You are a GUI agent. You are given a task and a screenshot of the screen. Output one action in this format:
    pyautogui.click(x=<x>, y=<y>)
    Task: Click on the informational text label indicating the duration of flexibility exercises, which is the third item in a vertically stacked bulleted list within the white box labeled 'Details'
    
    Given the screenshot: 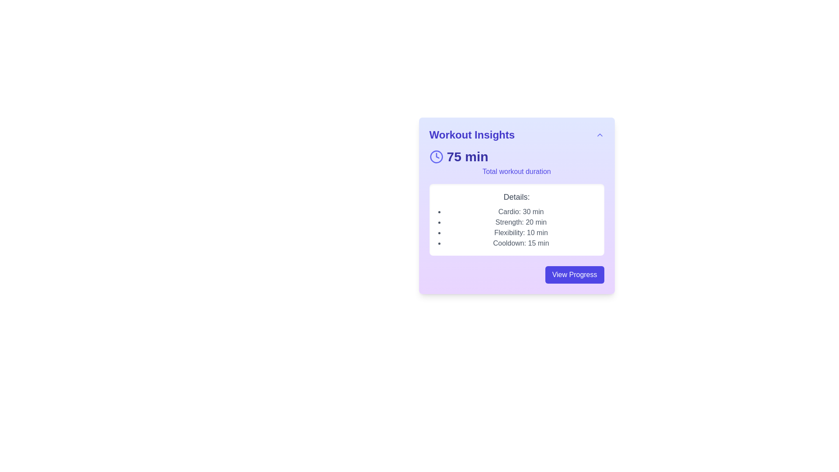 What is the action you would take?
    pyautogui.click(x=521, y=232)
    